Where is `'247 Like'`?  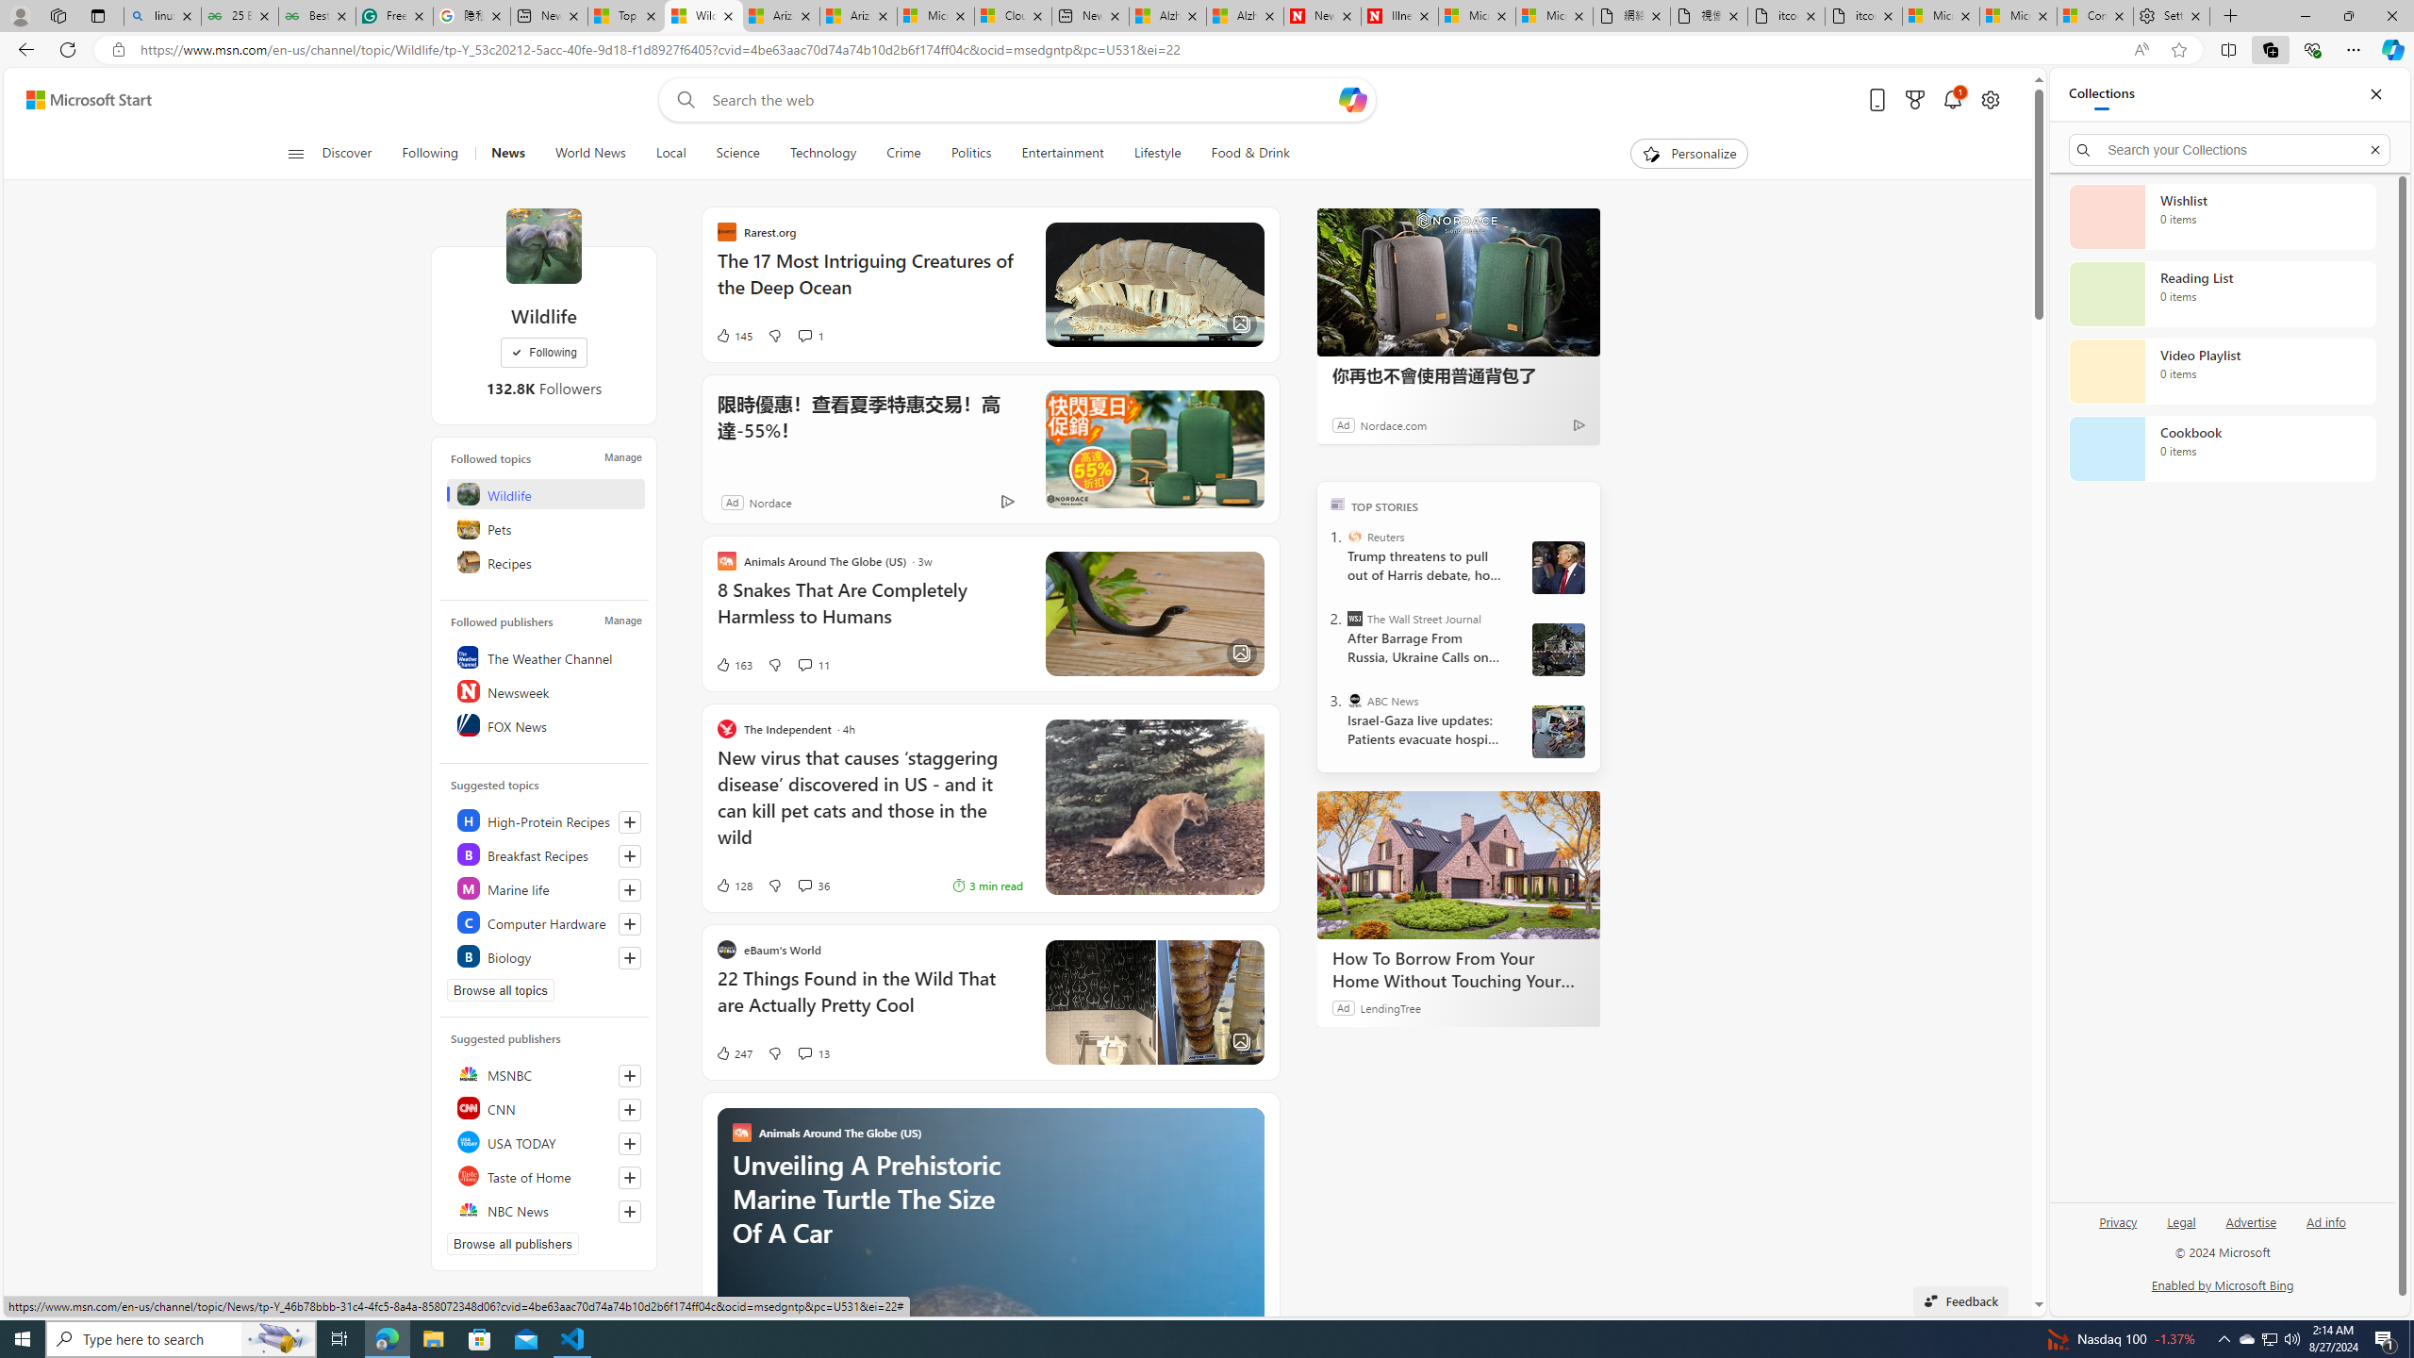 '247 Like' is located at coordinates (734, 1052).